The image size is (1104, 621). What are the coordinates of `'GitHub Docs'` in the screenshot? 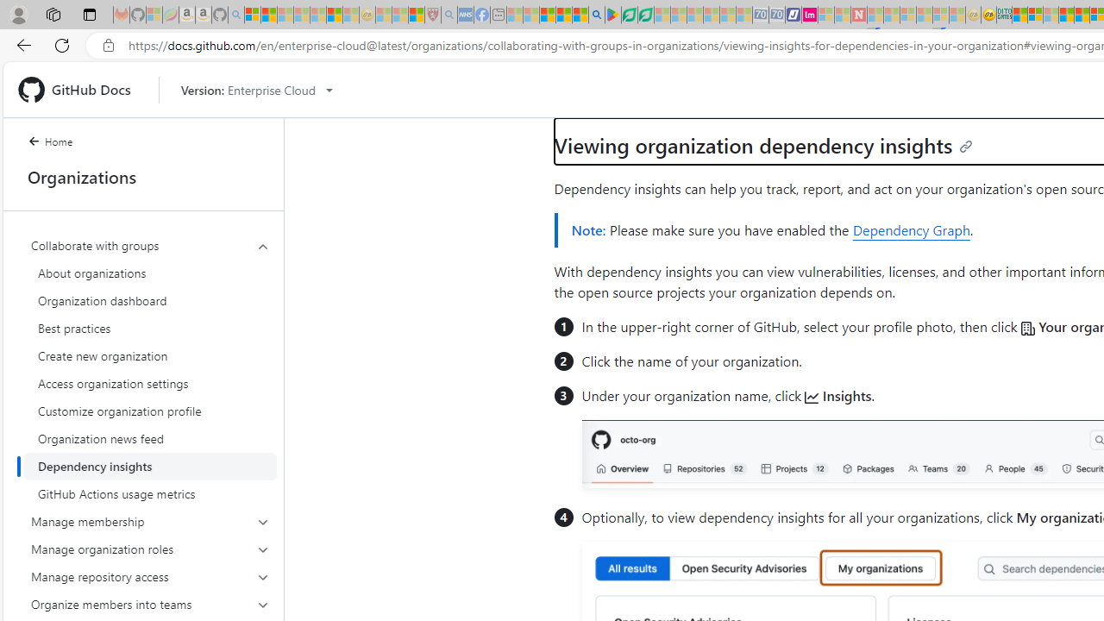 It's located at (80, 90).